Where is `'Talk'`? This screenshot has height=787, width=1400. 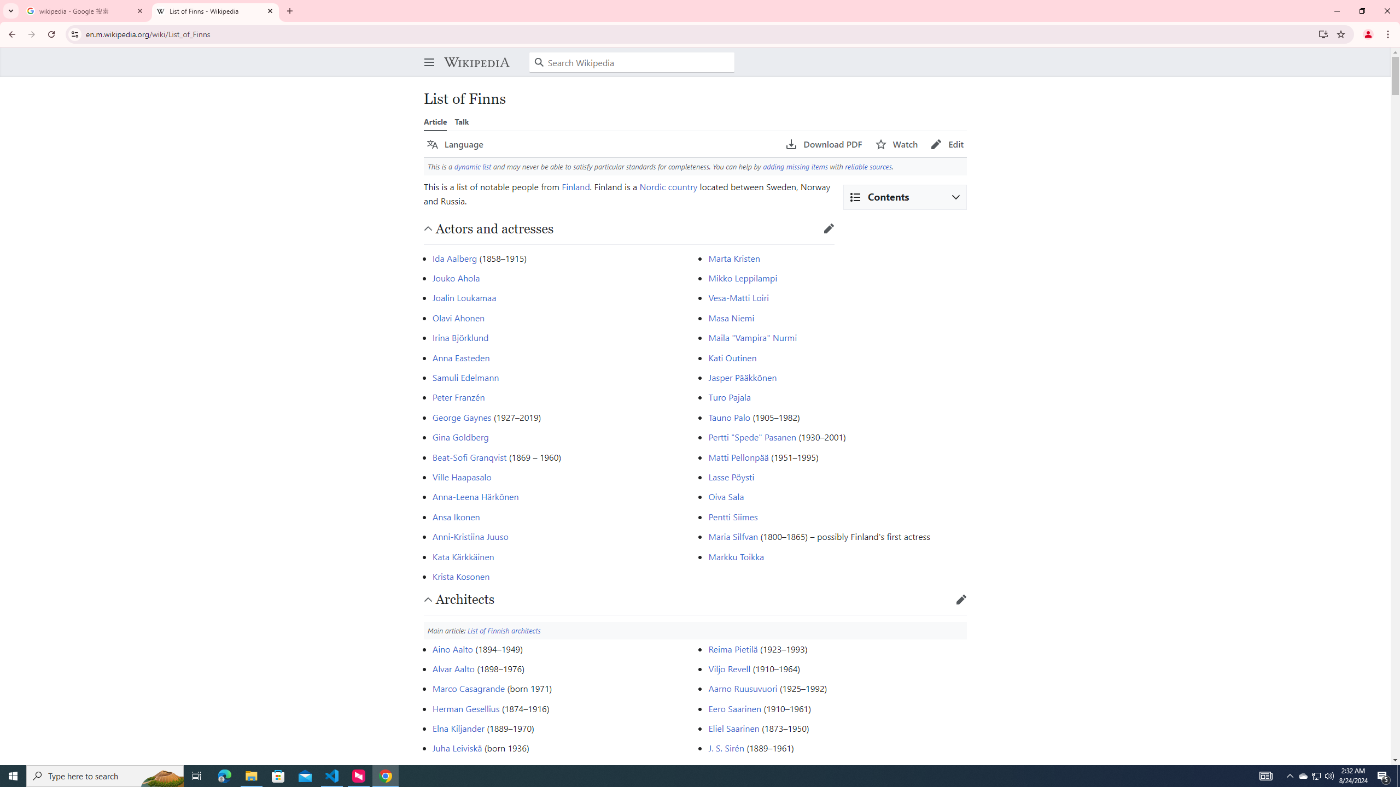 'Talk' is located at coordinates (461, 121).